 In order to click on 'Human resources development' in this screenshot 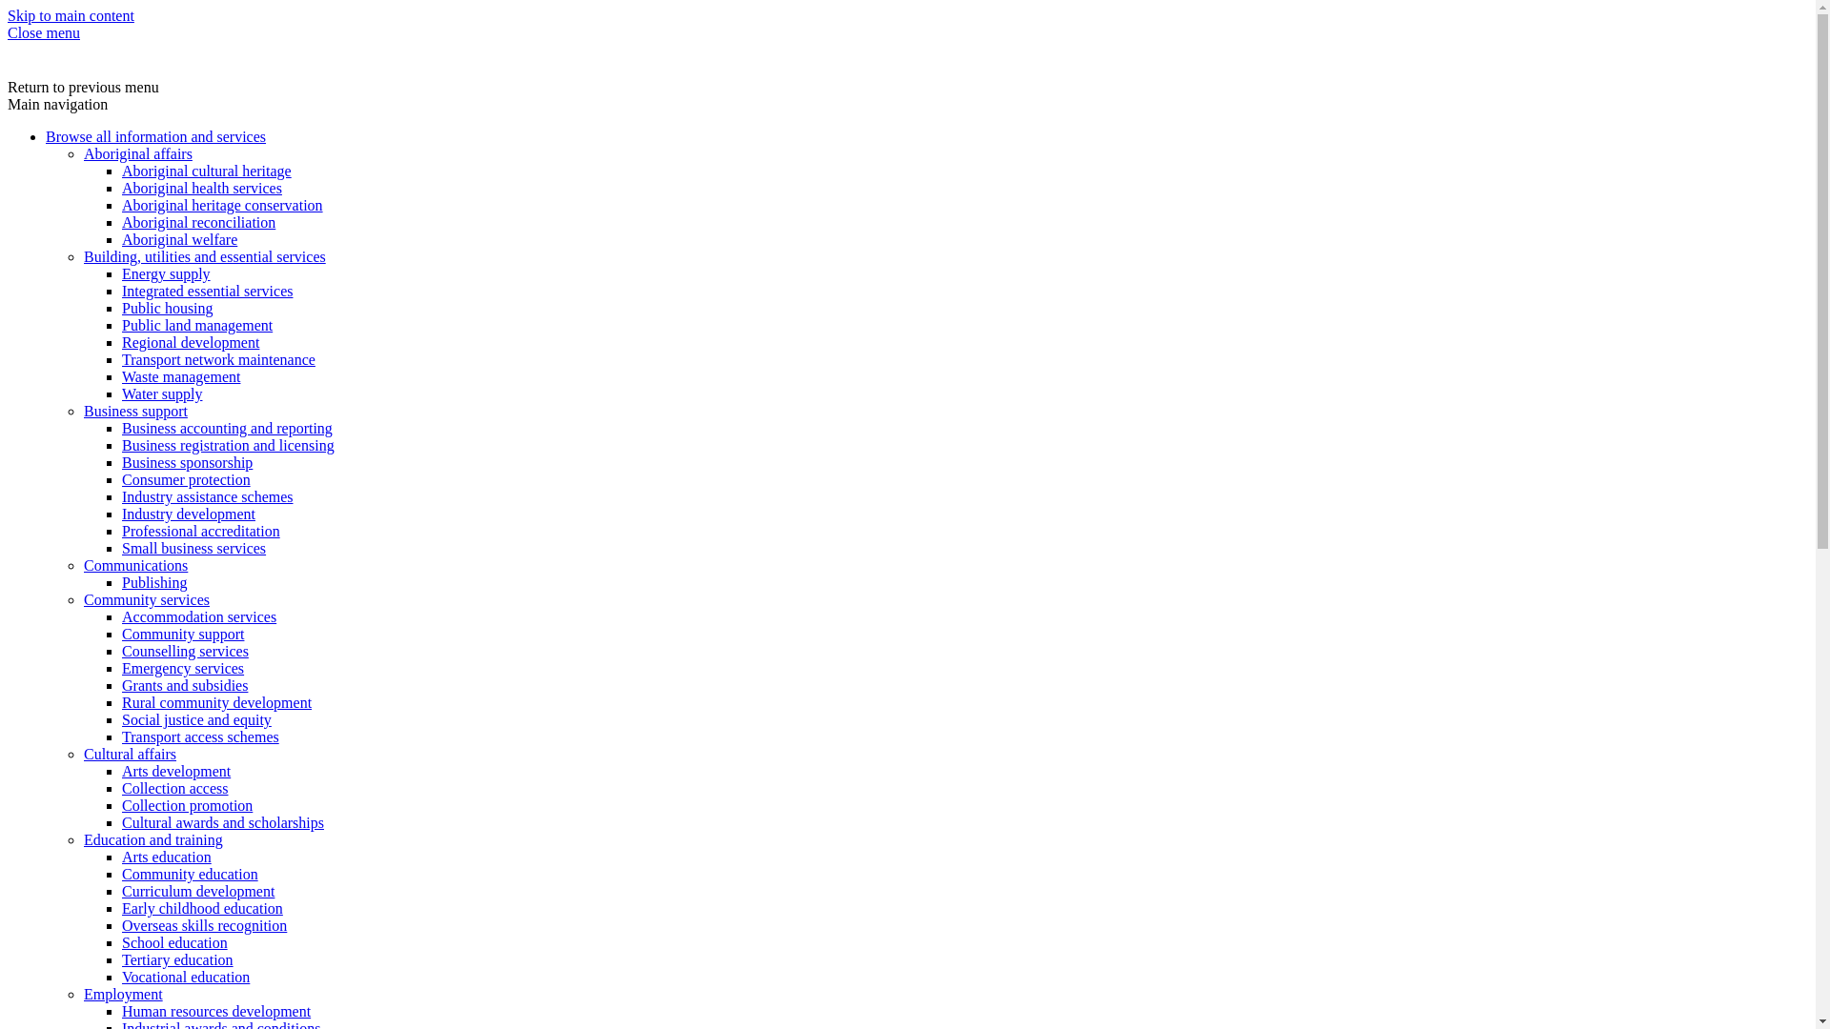, I will do `click(215, 1010)`.